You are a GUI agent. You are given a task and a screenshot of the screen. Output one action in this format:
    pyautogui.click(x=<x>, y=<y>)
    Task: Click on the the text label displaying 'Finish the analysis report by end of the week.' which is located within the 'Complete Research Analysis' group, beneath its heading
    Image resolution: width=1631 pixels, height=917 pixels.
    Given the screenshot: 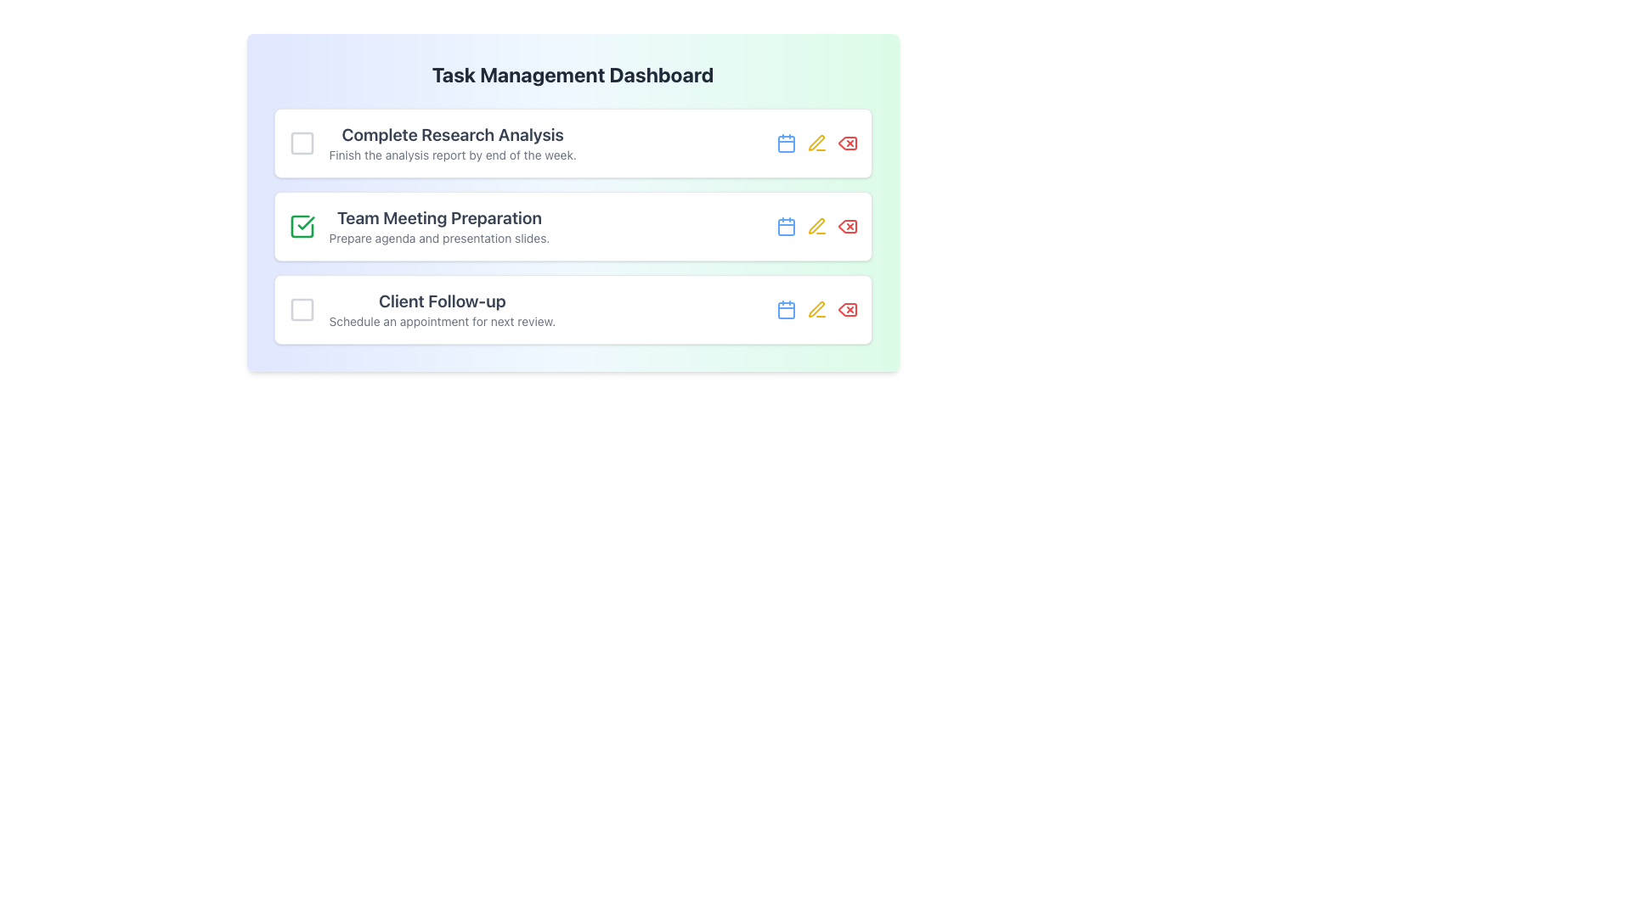 What is the action you would take?
    pyautogui.click(x=453, y=155)
    